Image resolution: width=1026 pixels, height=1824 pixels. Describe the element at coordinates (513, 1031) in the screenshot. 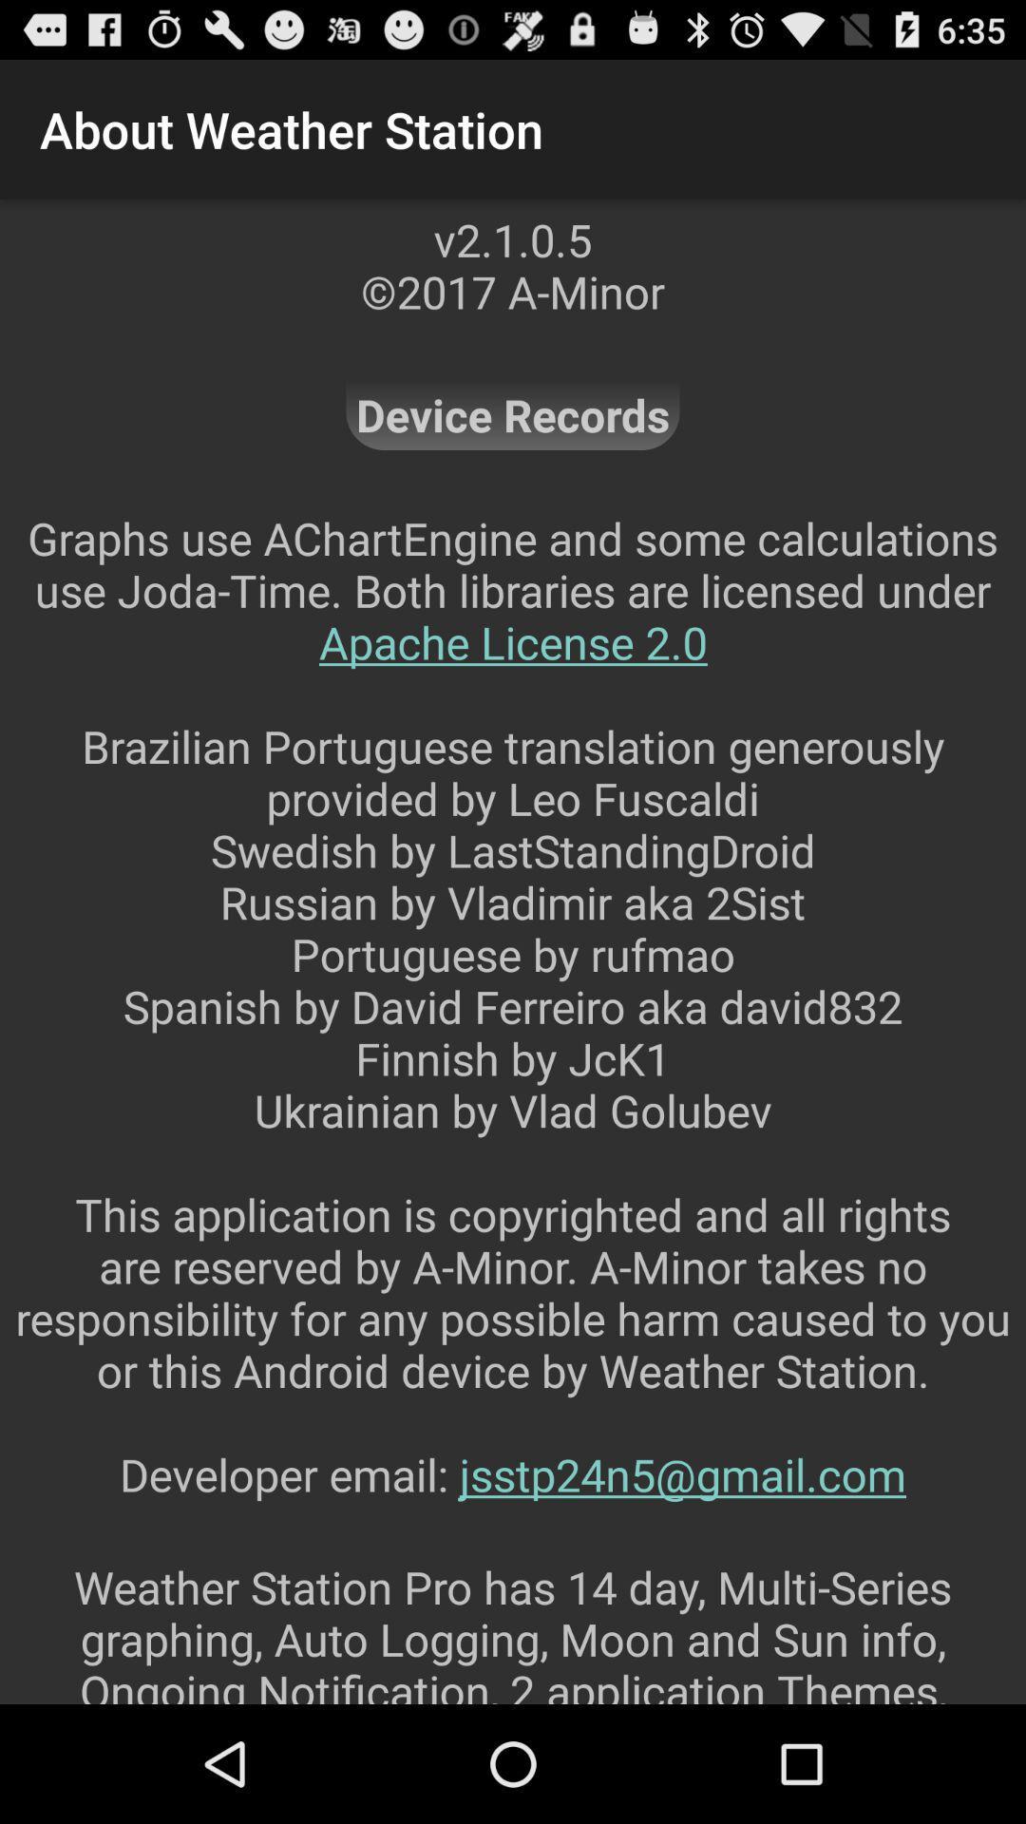

I see `graphs use achartengine item` at that location.